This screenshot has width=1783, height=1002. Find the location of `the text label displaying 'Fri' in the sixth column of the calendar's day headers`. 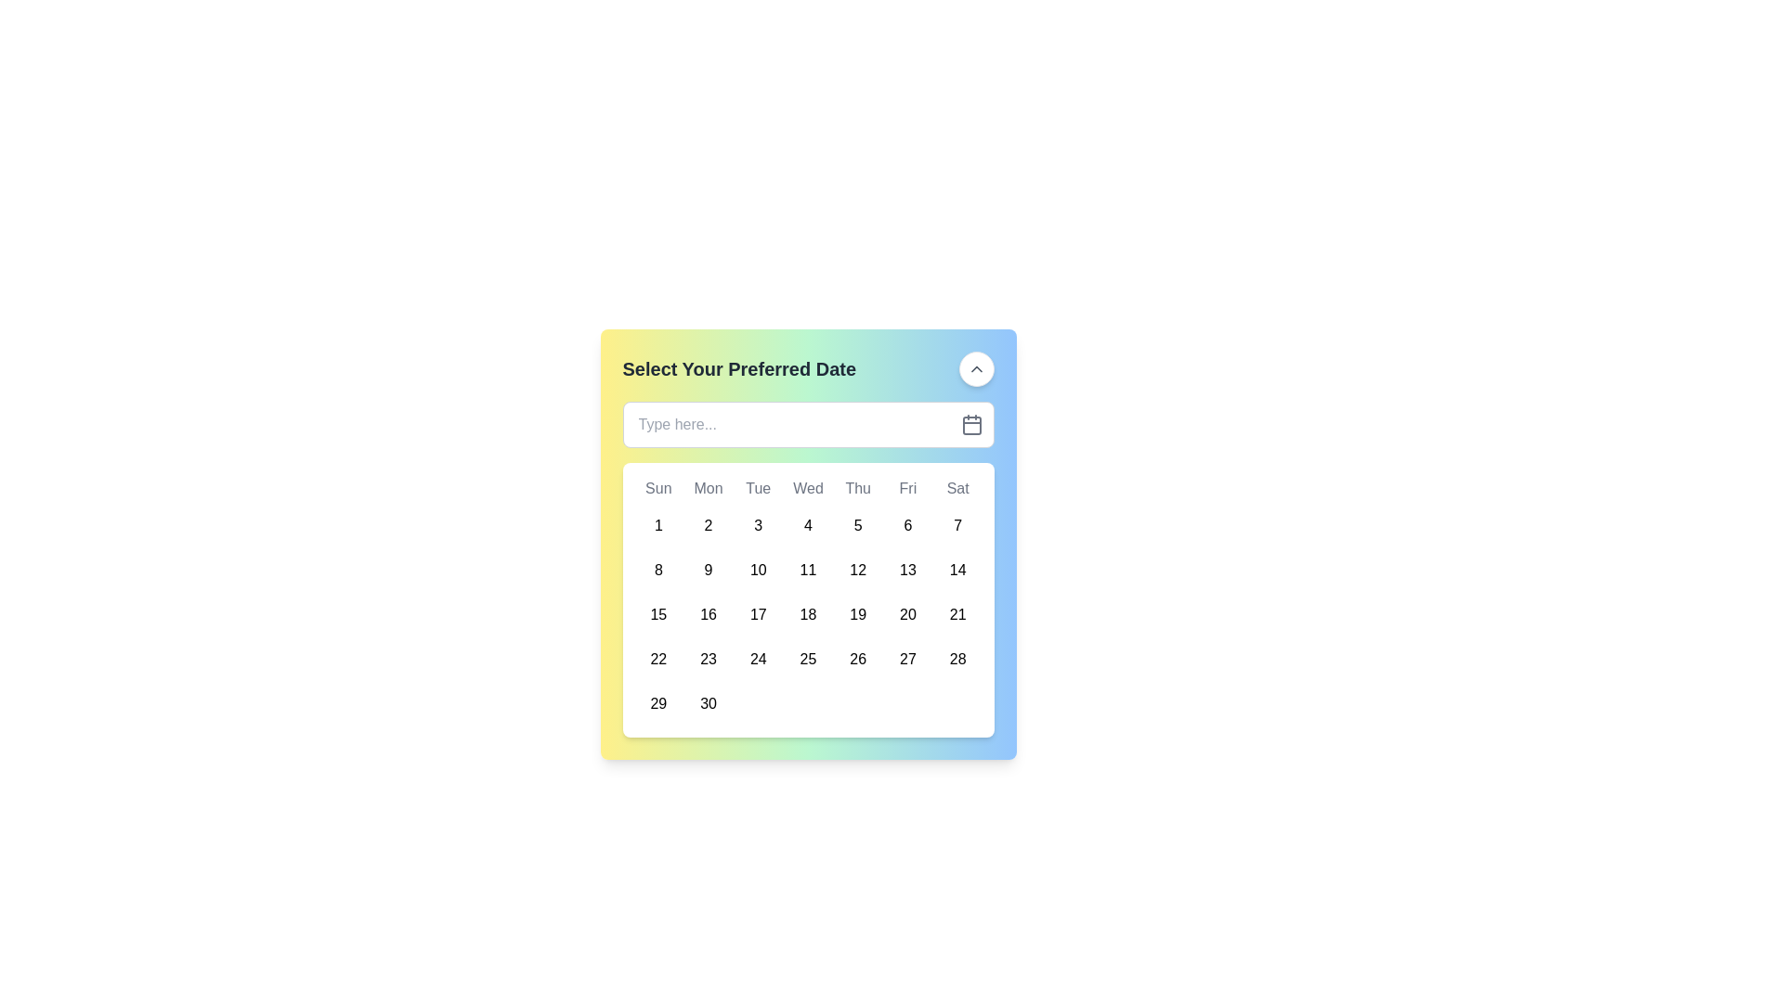

the text label displaying 'Fri' in the sixth column of the calendar's day headers is located at coordinates (907, 488).